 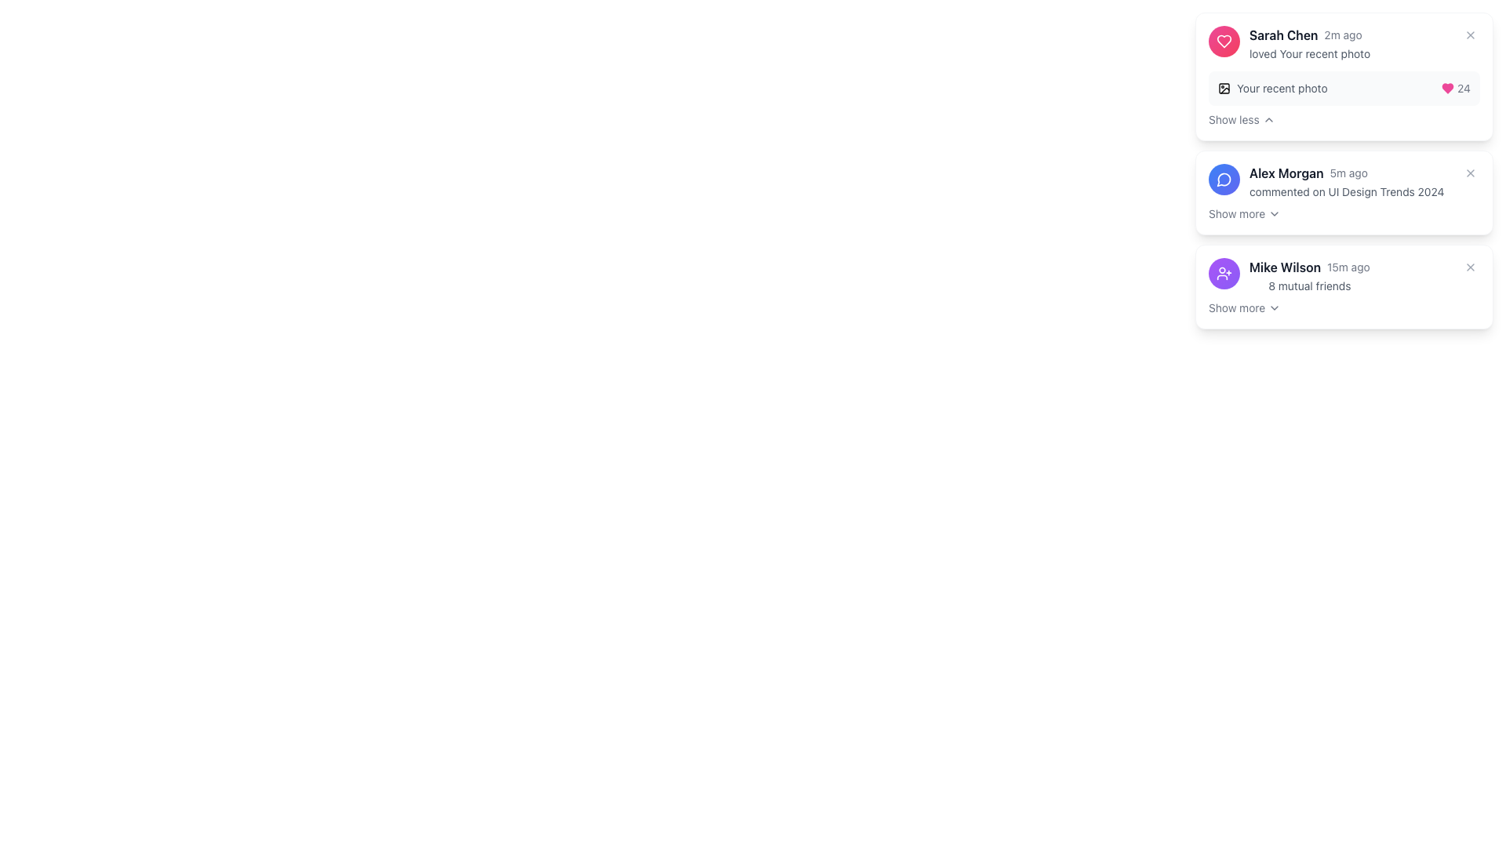 I want to click on the text element displaying 'commented on UI Design Trends 2024' located in the second notification card beneath 'Alex Morgan', so click(x=1346, y=191).